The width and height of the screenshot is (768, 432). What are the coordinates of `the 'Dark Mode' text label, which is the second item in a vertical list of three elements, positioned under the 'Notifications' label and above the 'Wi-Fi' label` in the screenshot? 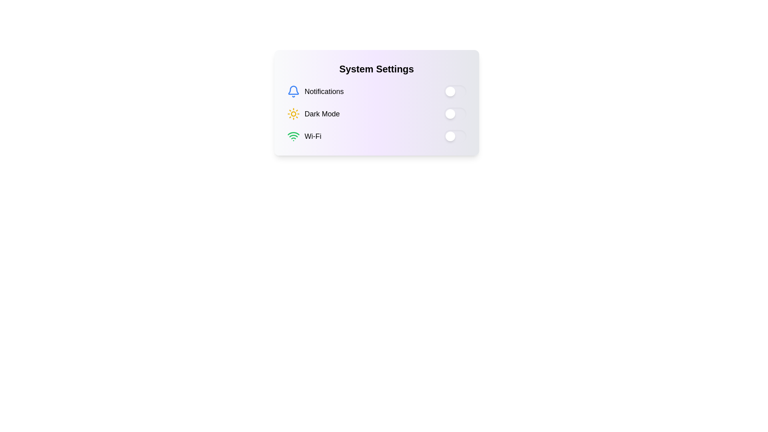 It's located at (322, 114).